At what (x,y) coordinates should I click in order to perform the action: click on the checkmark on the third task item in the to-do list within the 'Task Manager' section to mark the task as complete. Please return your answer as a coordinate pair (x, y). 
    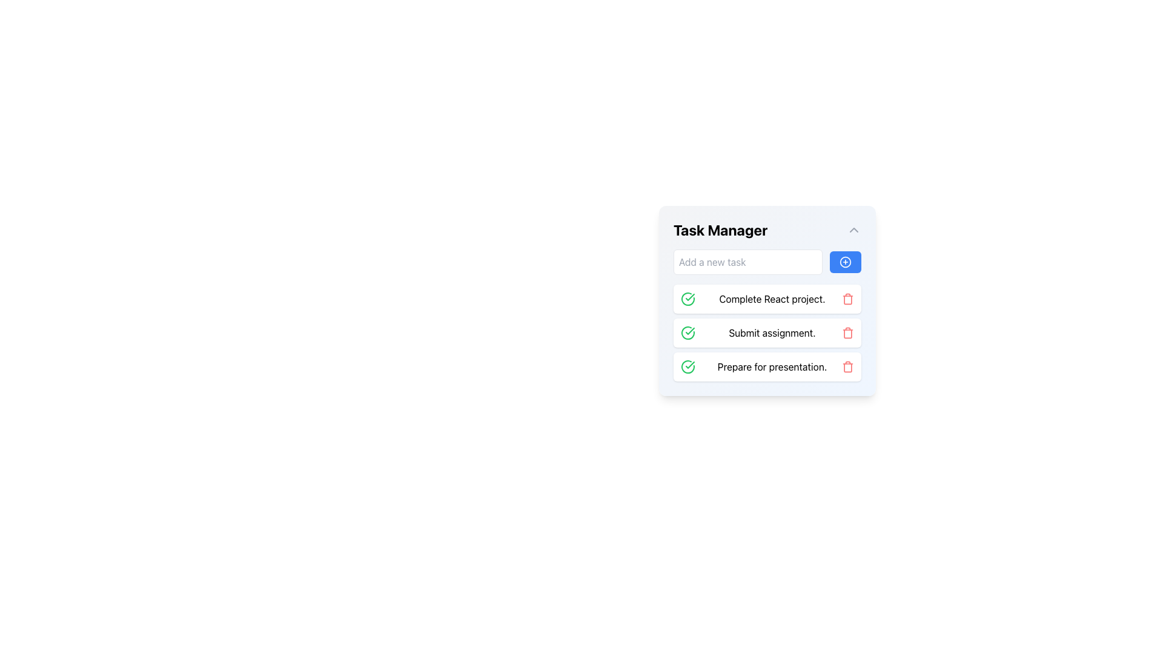
    Looking at the image, I should click on (767, 366).